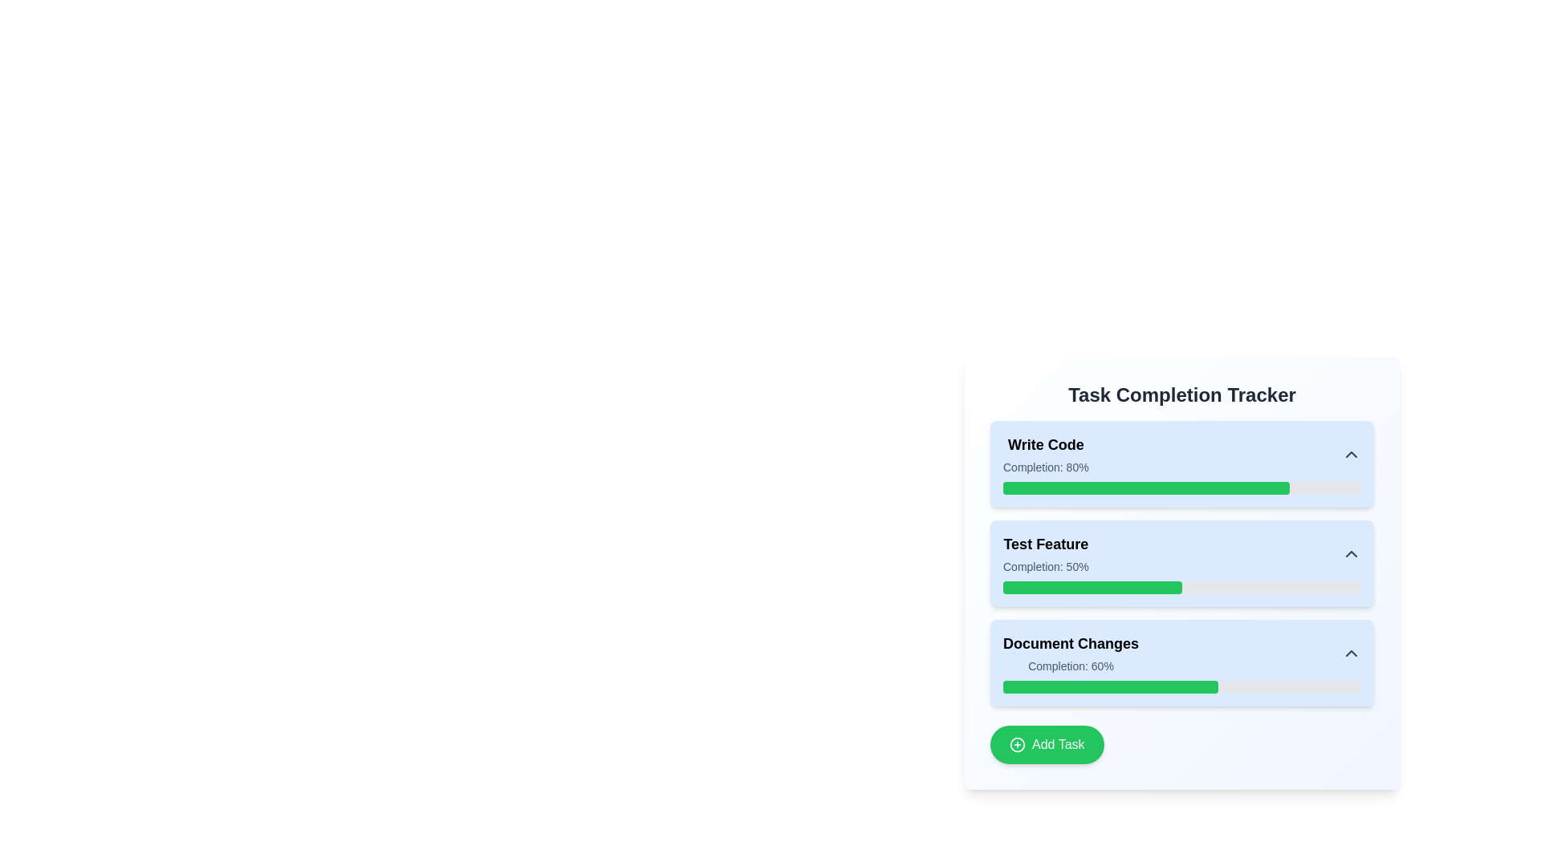 The height and width of the screenshot is (866, 1541). I want to click on the toggle button located at the top-right corner of the 'Write Code' task card in the 'Task Completion Tracker' interface, so click(1351, 455).